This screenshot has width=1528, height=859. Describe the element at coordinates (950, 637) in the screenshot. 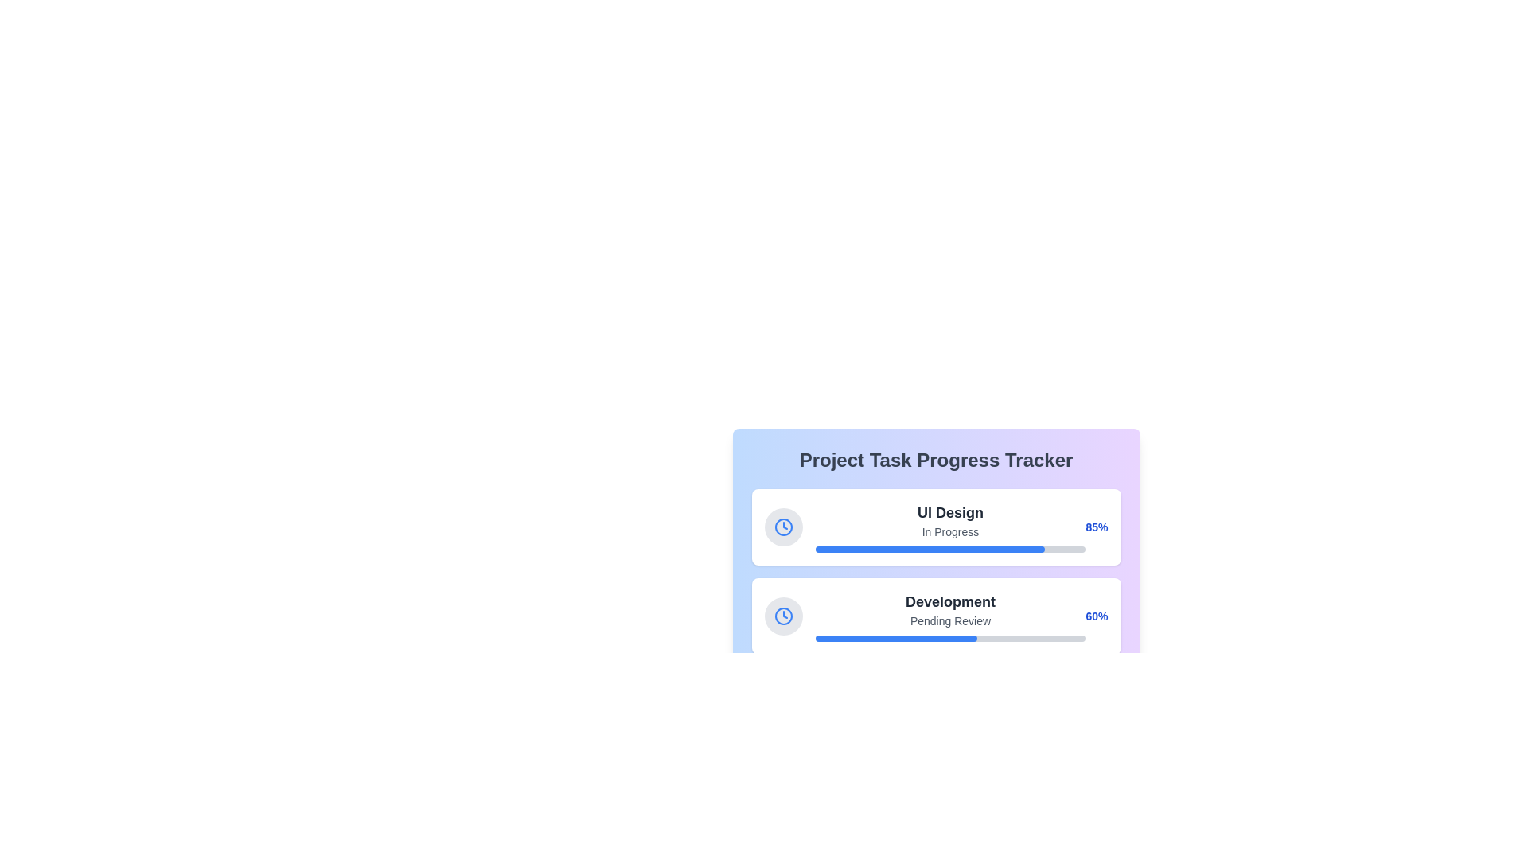

I see `the Progress bar representing the 'Development' task` at that location.